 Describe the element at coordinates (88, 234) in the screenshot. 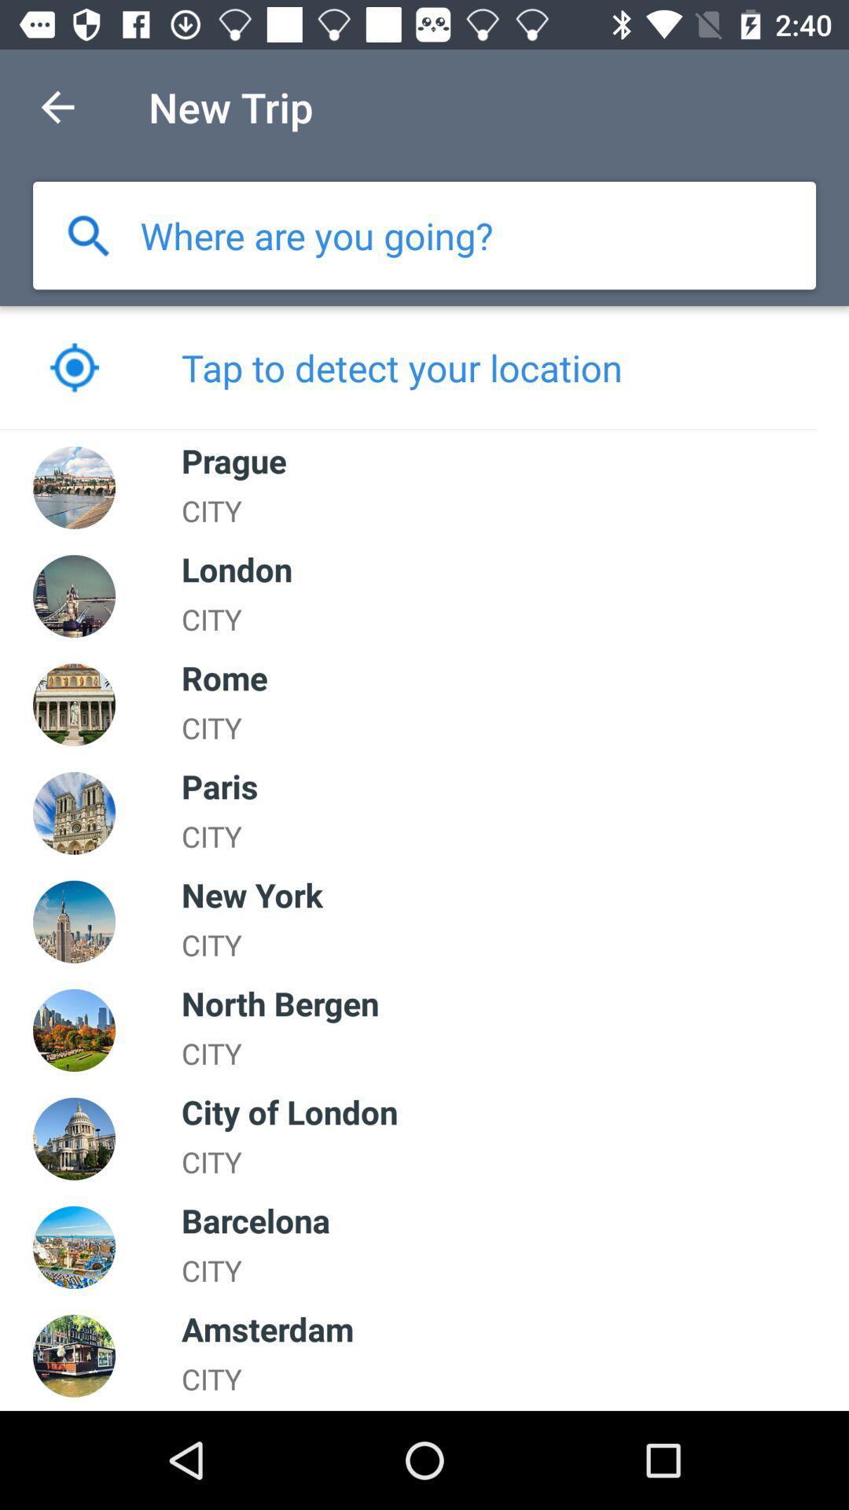

I see `search for city` at that location.